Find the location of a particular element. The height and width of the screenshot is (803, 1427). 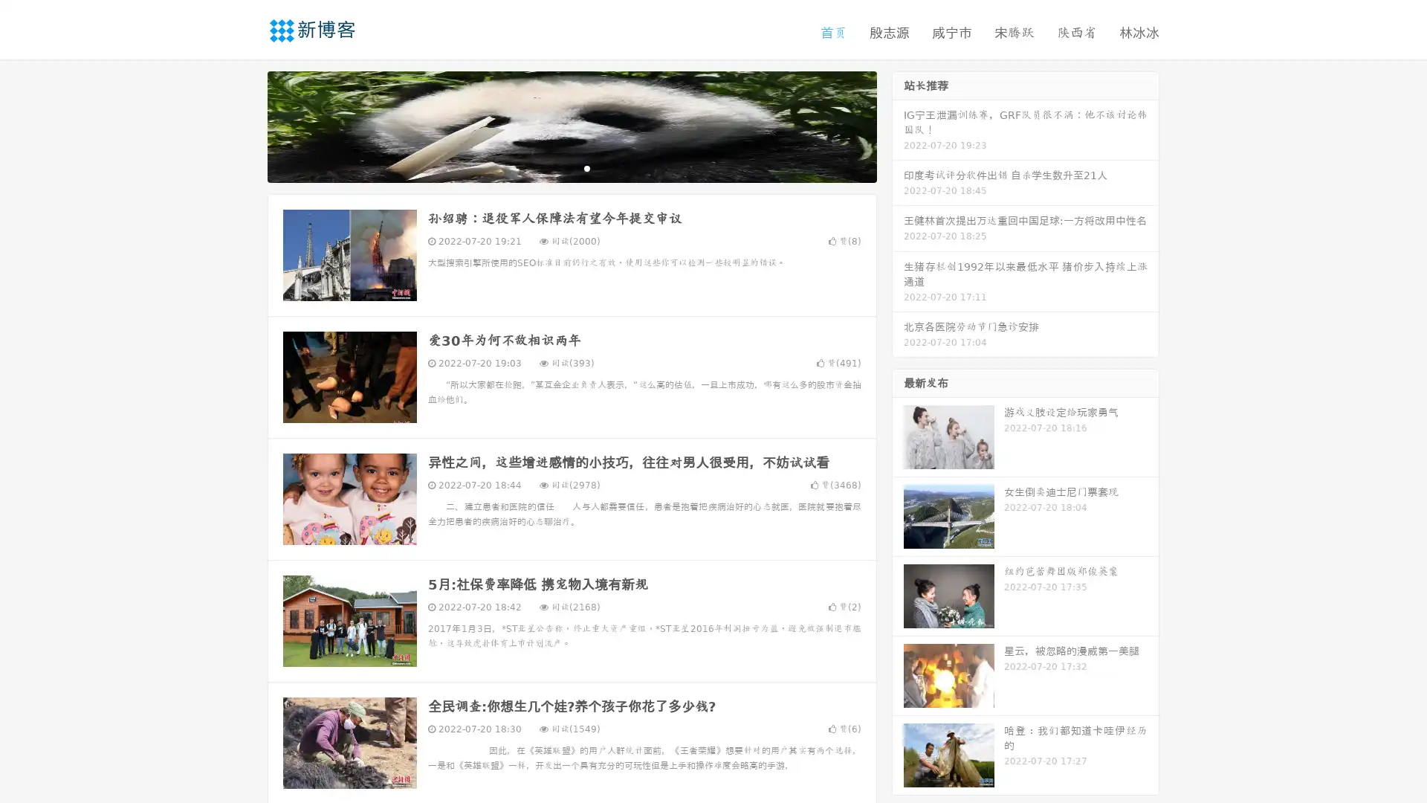

Go to slide 1 is located at coordinates (556, 167).